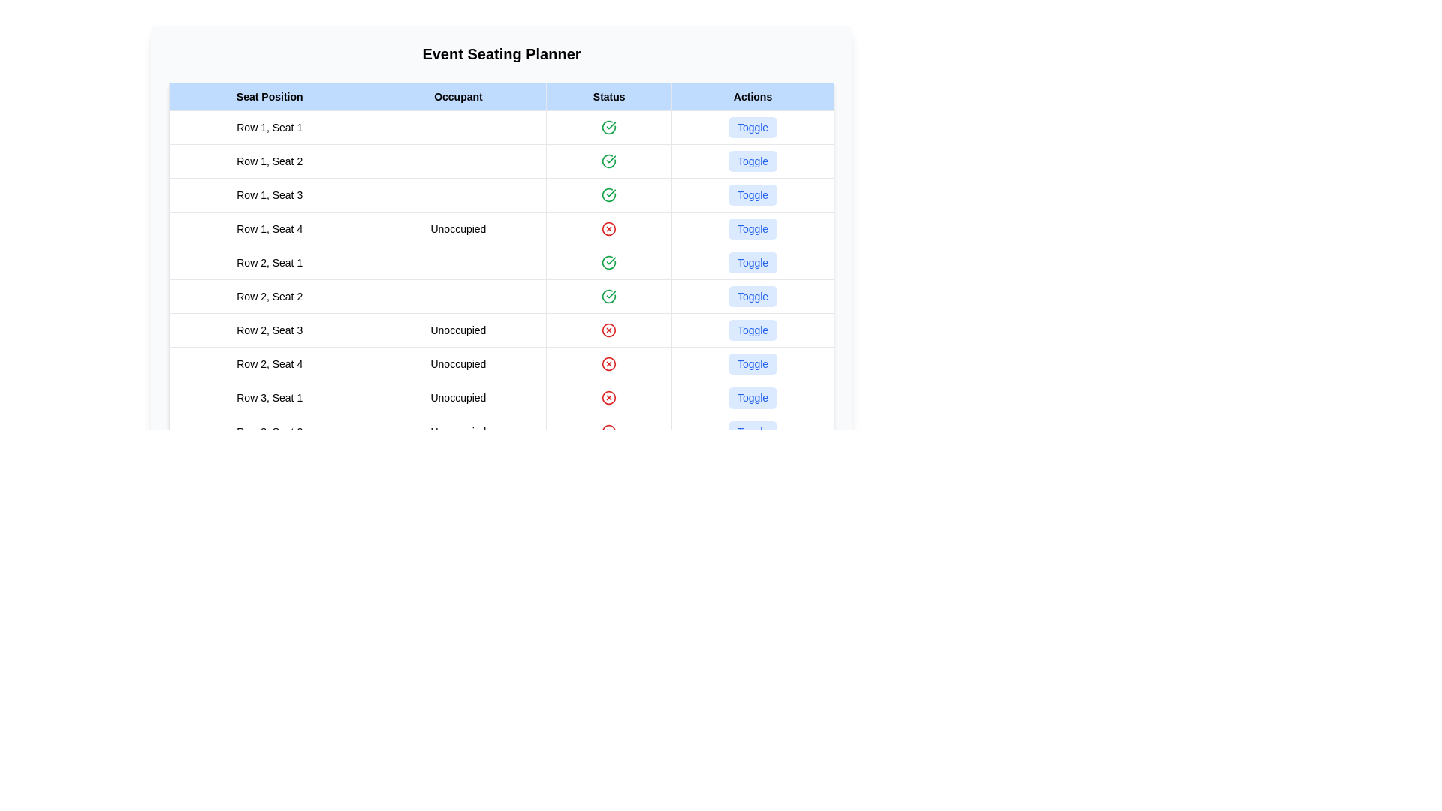  Describe the element at coordinates (609, 396) in the screenshot. I see `visual indication from the circular red icon with a cross symbol in the third row, third column of the 'Event Seating Planner' table, specifically for 'Row 3, Seat 1'` at that location.